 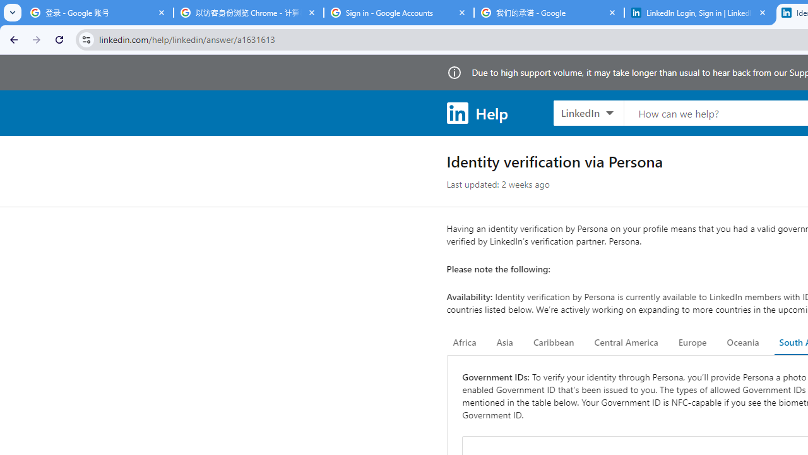 What do you see at coordinates (742, 343) in the screenshot?
I see `'Oceania'` at bounding box center [742, 343].